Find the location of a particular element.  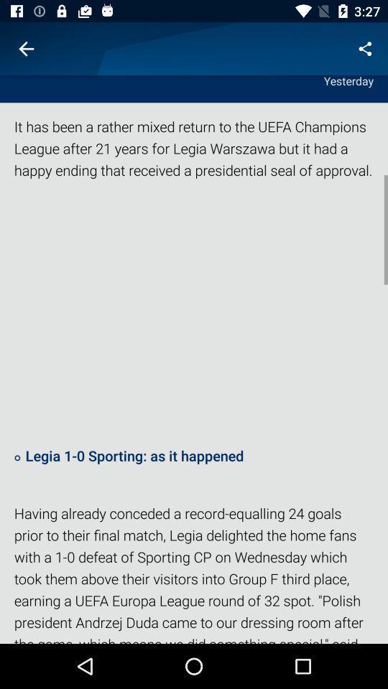

having already conceded icon is located at coordinates (194, 573).